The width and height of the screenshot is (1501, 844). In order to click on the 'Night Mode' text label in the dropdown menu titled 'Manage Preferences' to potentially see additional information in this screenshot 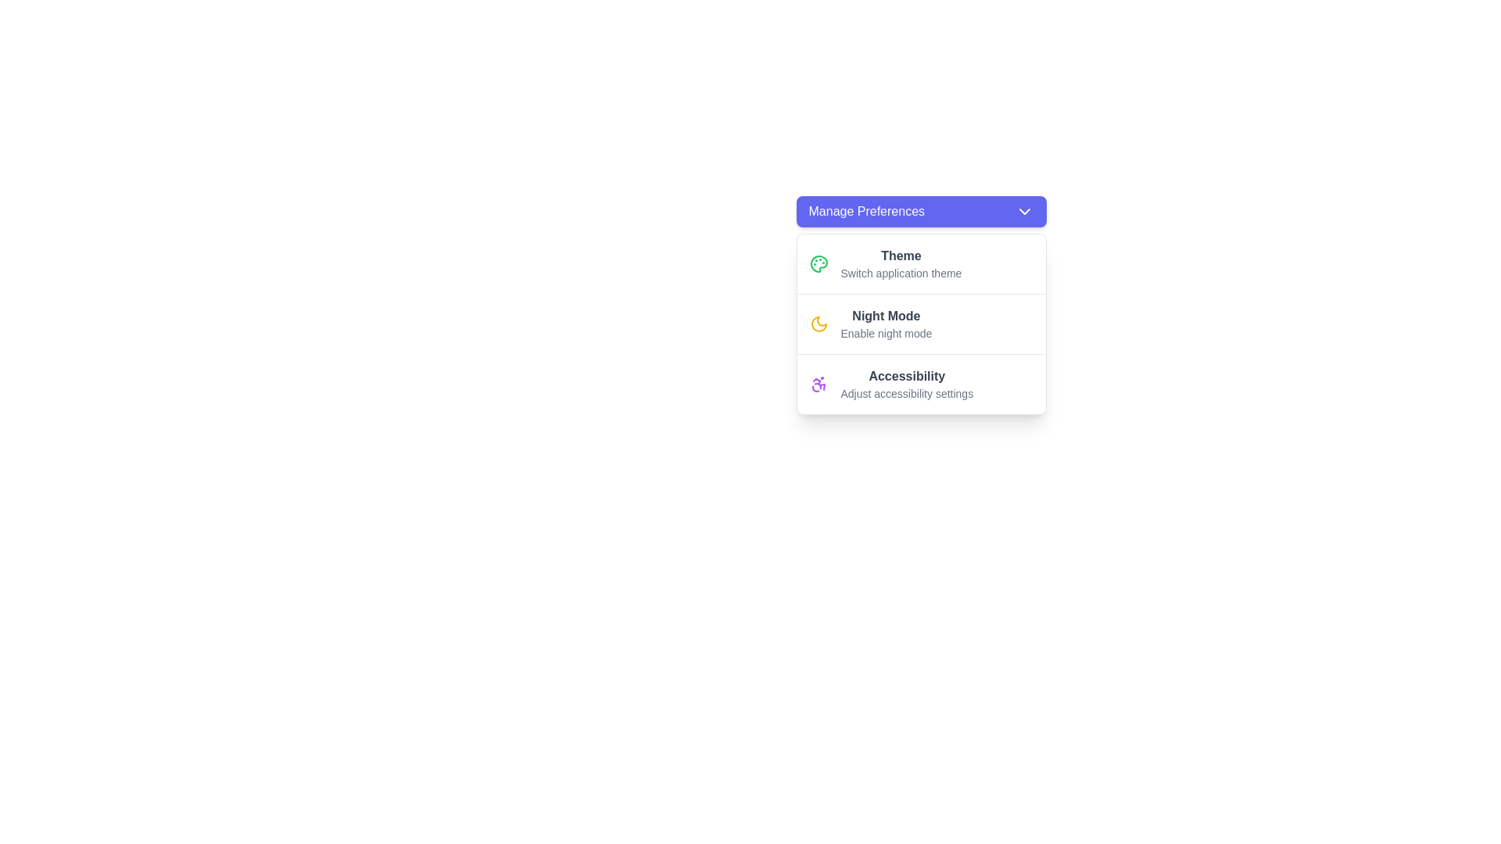, I will do `click(886, 324)`.